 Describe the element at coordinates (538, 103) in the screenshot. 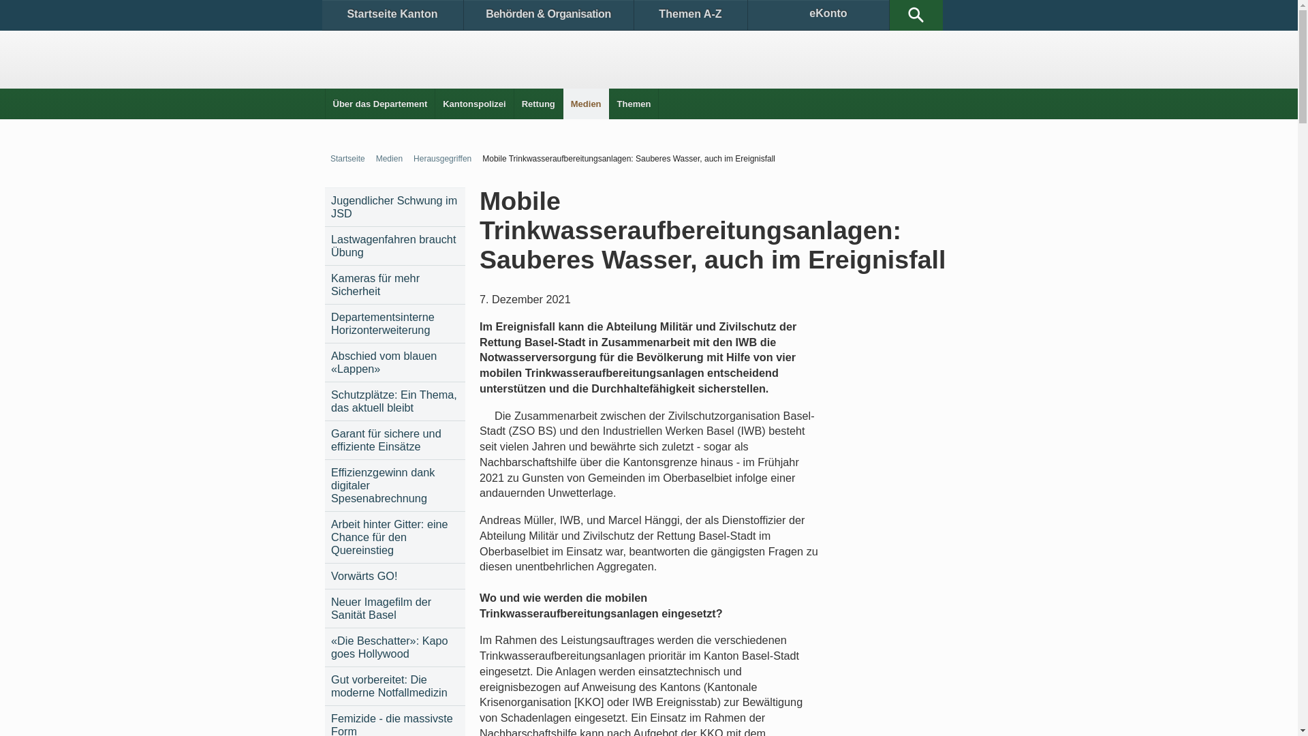

I see `'Rettung'` at that location.